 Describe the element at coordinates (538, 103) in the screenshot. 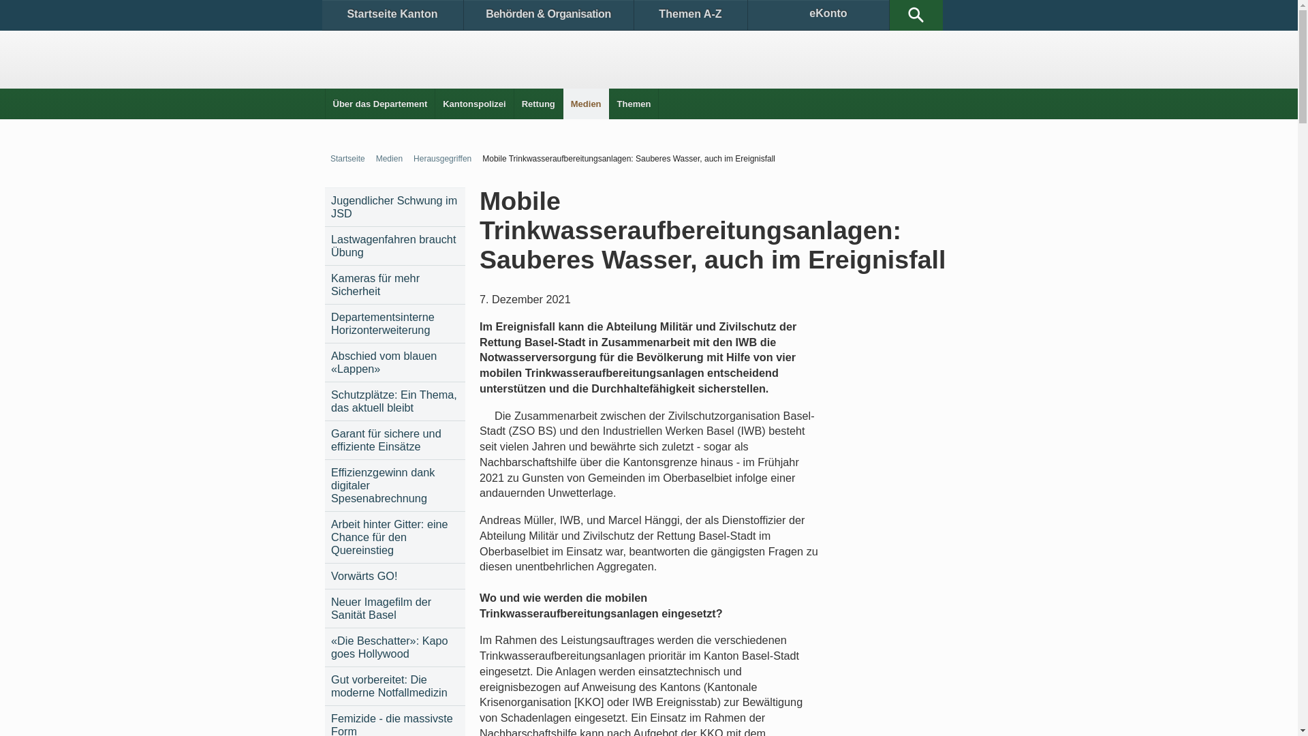

I see `'Rettung'` at that location.